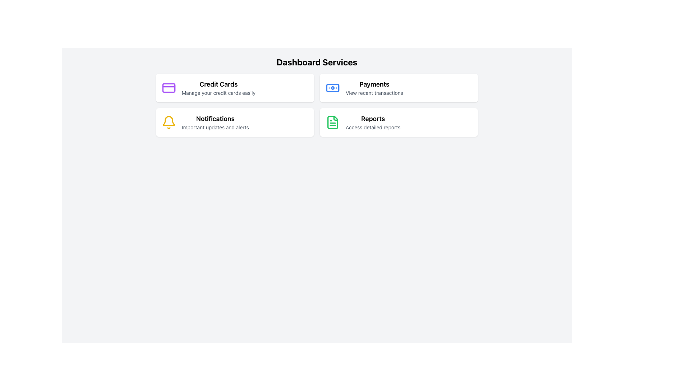  What do you see at coordinates (235, 122) in the screenshot?
I see `the Informational Card that features a yellow bell notification icon on the left, with the text 'Notifications' in bold and 'Important updates and alerts' in a smaller font on the right` at bounding box center [235, 122].